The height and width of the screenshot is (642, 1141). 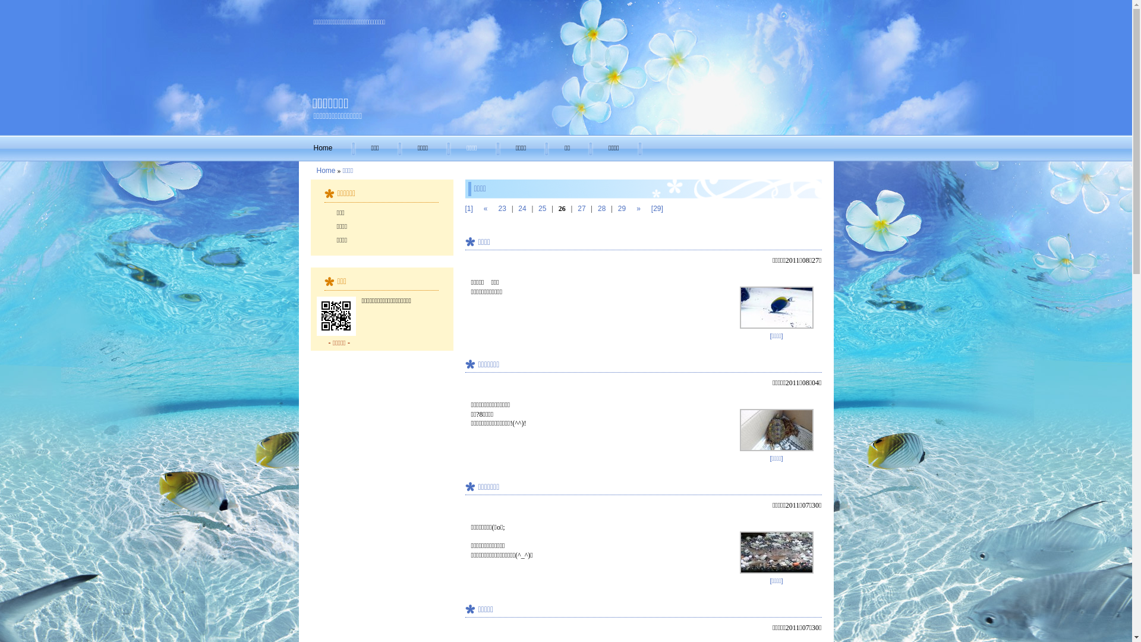 What do you see at coordinates (518, 208) in the screenshot?
I see `'24'` at bounding box center [518, 208].